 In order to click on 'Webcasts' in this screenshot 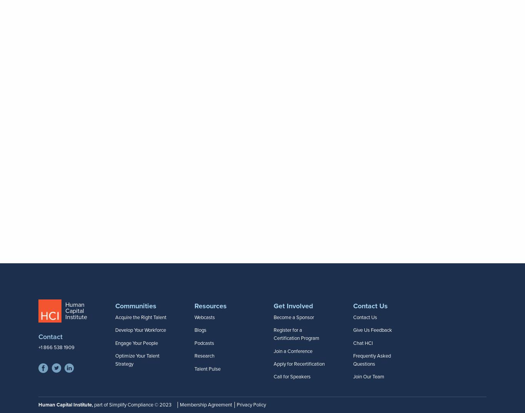, I will do `click(204, 317)`.